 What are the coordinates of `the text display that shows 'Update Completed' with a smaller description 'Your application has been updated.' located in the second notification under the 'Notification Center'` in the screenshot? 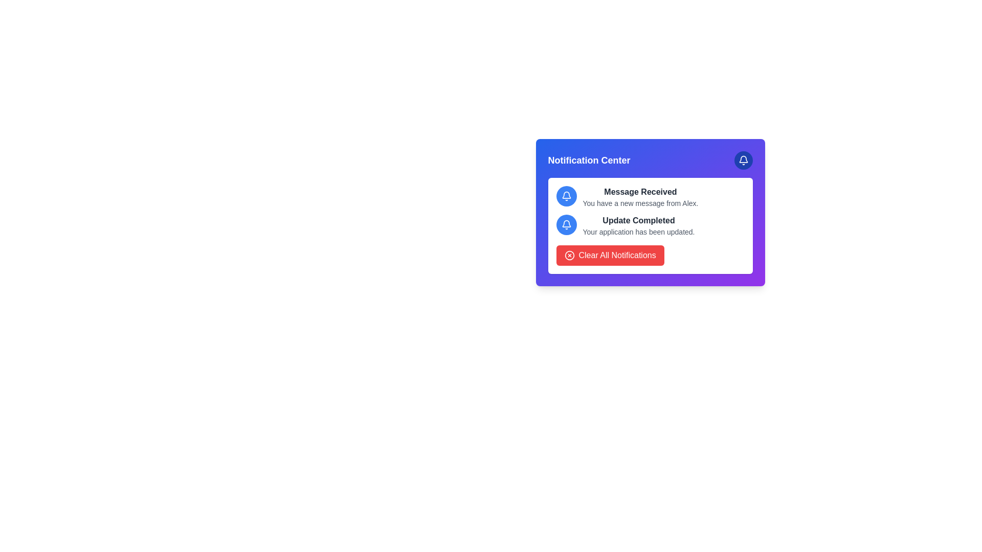 It's located at (638, 225).